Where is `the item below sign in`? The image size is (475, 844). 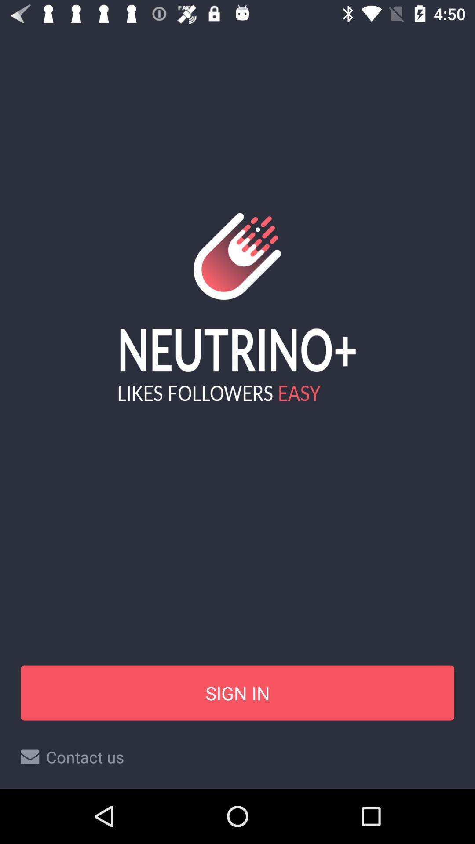
the item below sign in is located at coordinates (237, 757).